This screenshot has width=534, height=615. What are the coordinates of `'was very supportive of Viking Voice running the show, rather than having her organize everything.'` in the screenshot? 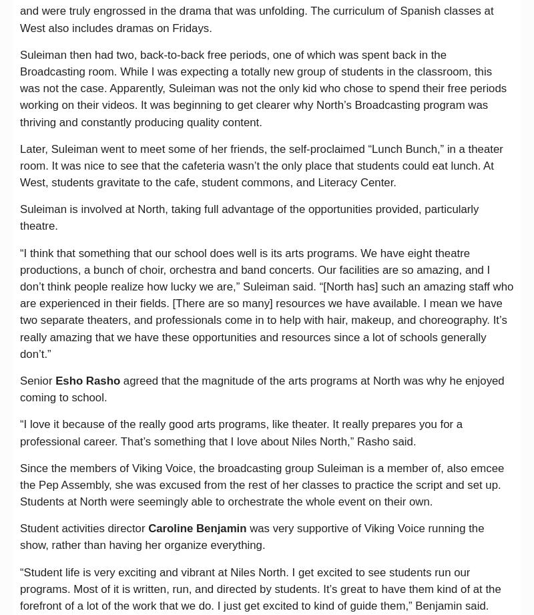 It's located at (251, 536).